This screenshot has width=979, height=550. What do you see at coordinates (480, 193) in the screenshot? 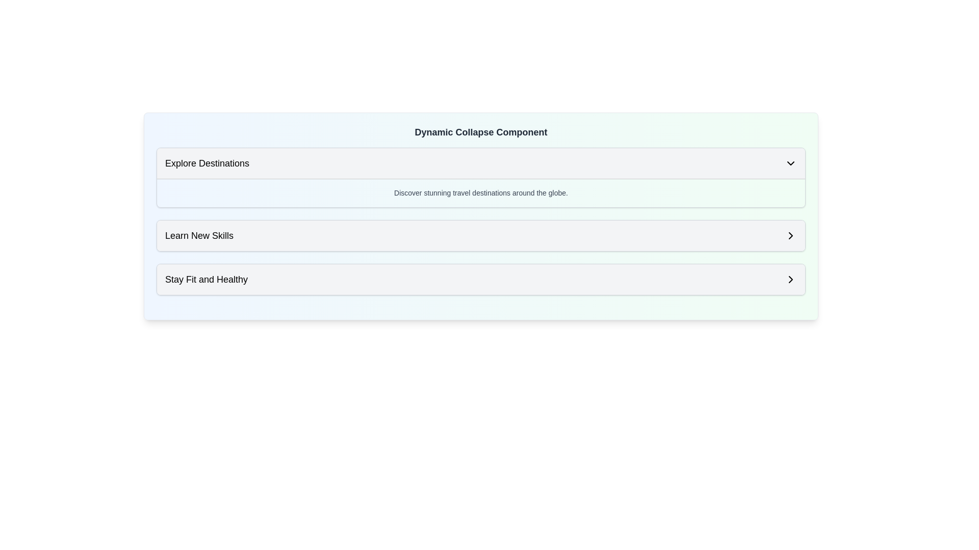
I see `text from the text block containing 'Discover stunning travel destinations around the globe.' located below the 'Explore Destinations' header` at bounding box center [480, 193].